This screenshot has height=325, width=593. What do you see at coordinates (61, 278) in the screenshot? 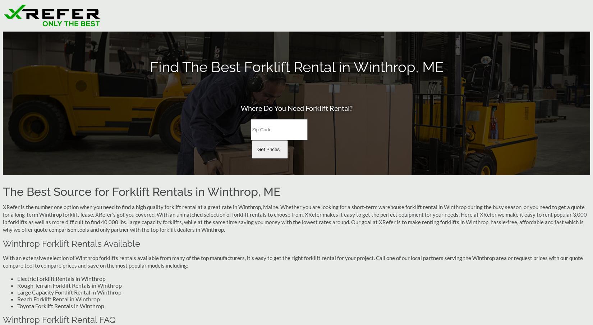
I see `'Electric Forklift Rentals in Winthrop'` at bounding box center [61, 278].